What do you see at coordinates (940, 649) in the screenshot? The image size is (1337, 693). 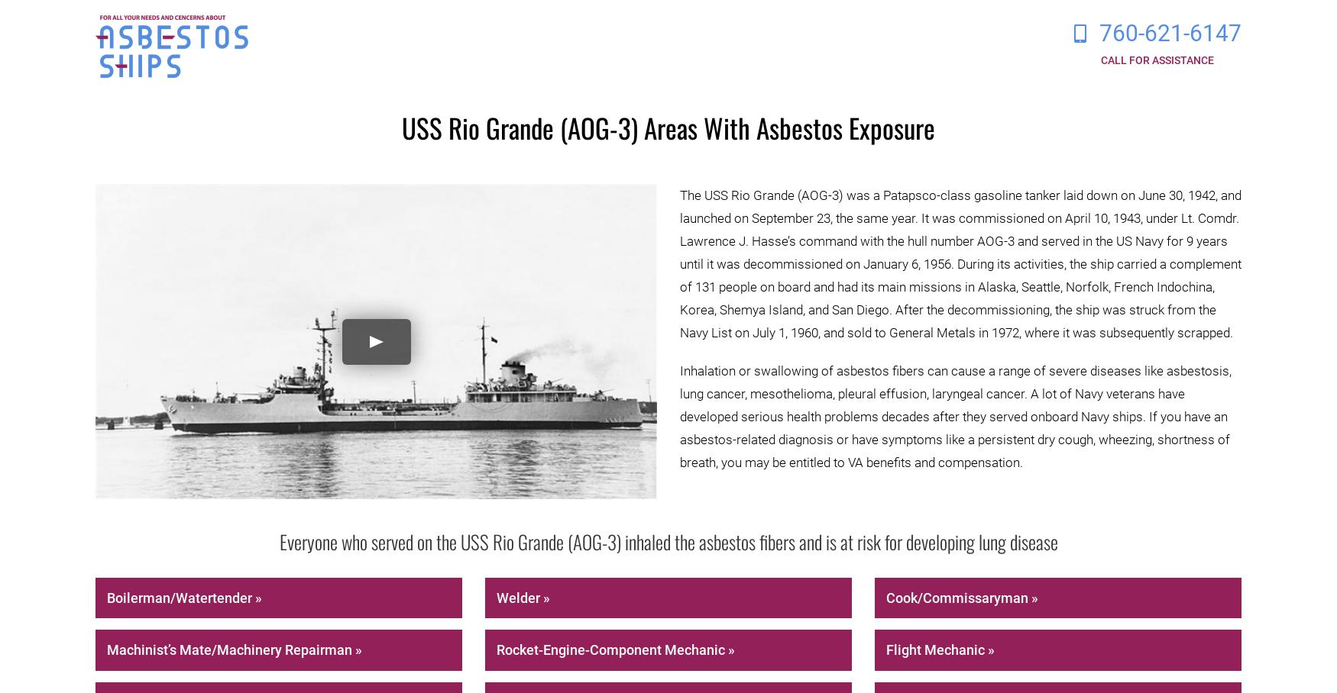 I see `'Flight Mechanic »'` at bounding box center [940, 649].